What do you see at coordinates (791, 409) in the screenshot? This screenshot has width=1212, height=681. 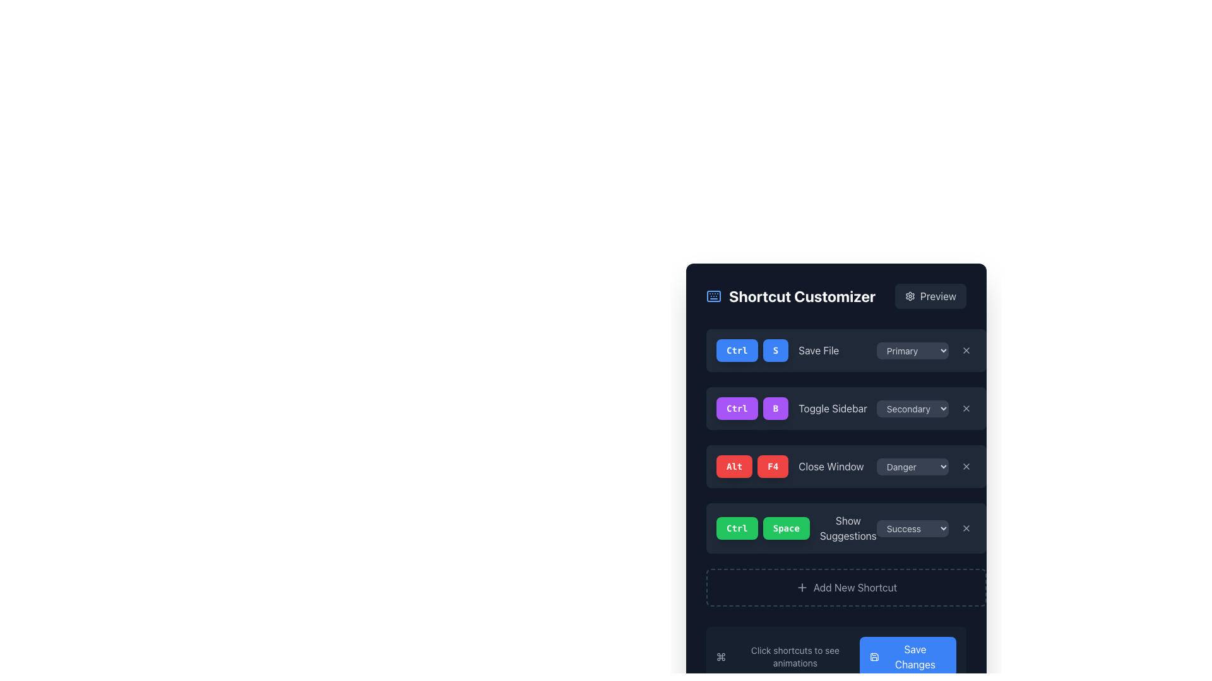 I see `the 'Ctrl' button in the Shortcut label that triggers the 'Toggle Sidebar' action, located in the second row of the shortcut list` at bounding box center [791, 409].